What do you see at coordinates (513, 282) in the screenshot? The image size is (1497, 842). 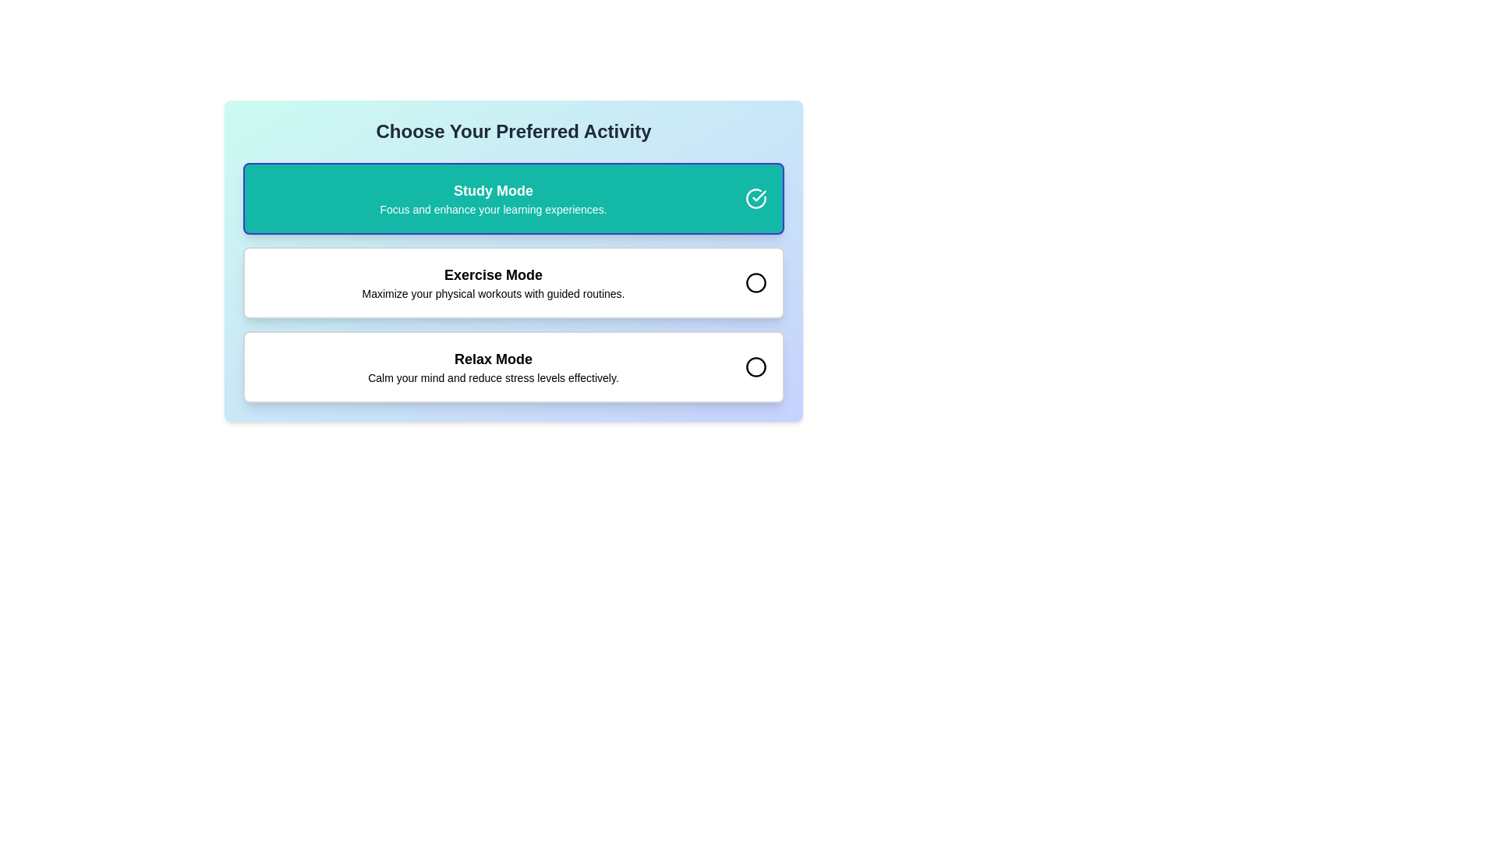 I see `the second option card titled 'Exercise Mode' within the vertically arranged list of activity options for interaction` at bounding box center [513, 282].